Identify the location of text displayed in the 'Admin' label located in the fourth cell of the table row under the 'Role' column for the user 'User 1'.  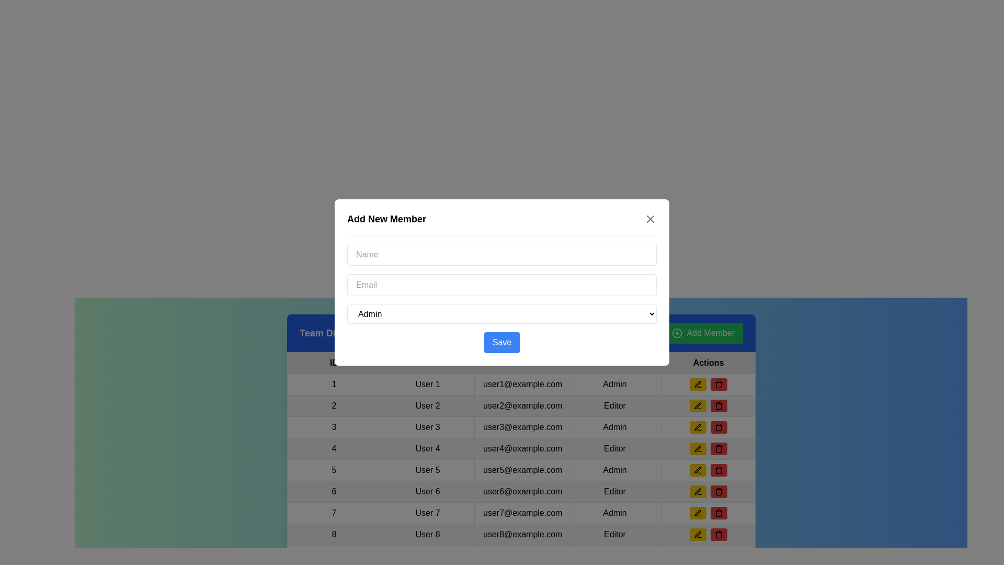
(615, 385).